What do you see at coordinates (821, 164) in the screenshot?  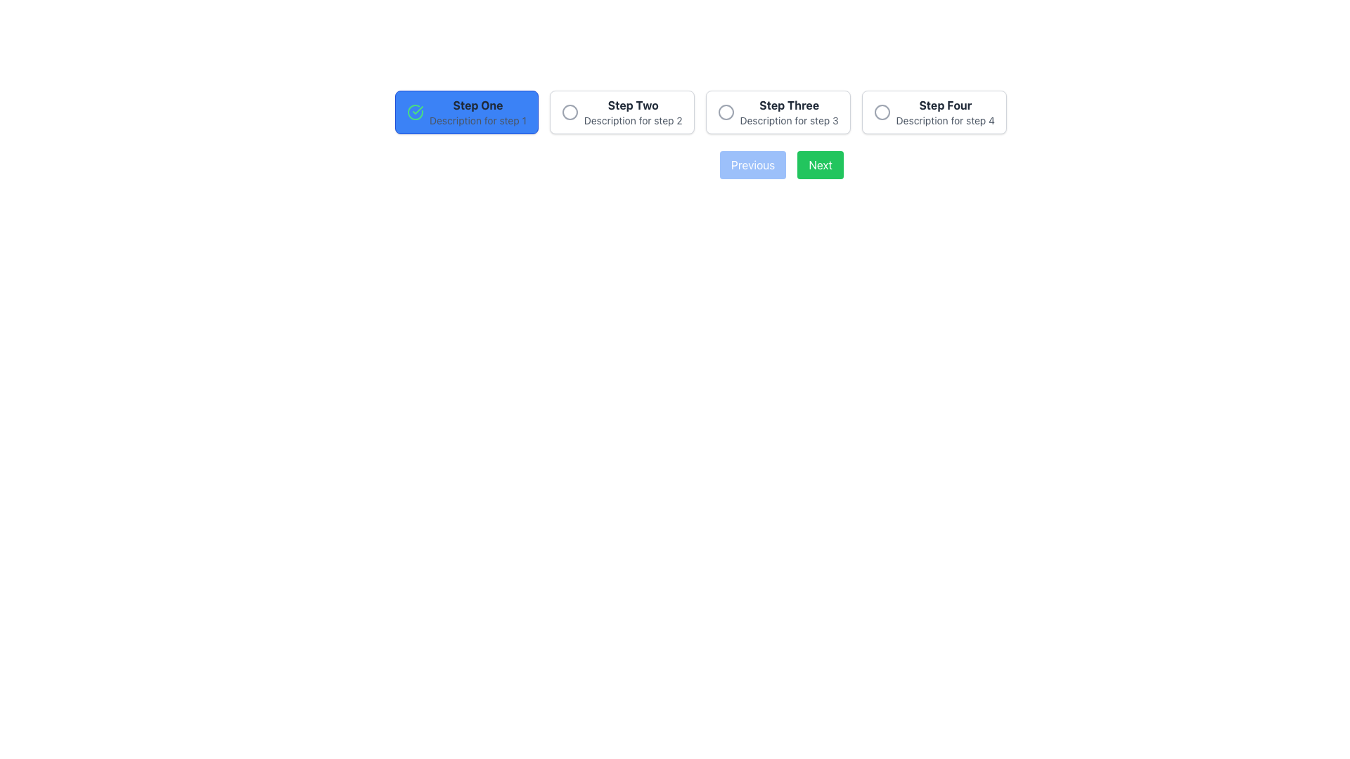 I see `the 'Next' button, which has a green background and white text, to proceed to the next step` at bounding box center [821, 164].